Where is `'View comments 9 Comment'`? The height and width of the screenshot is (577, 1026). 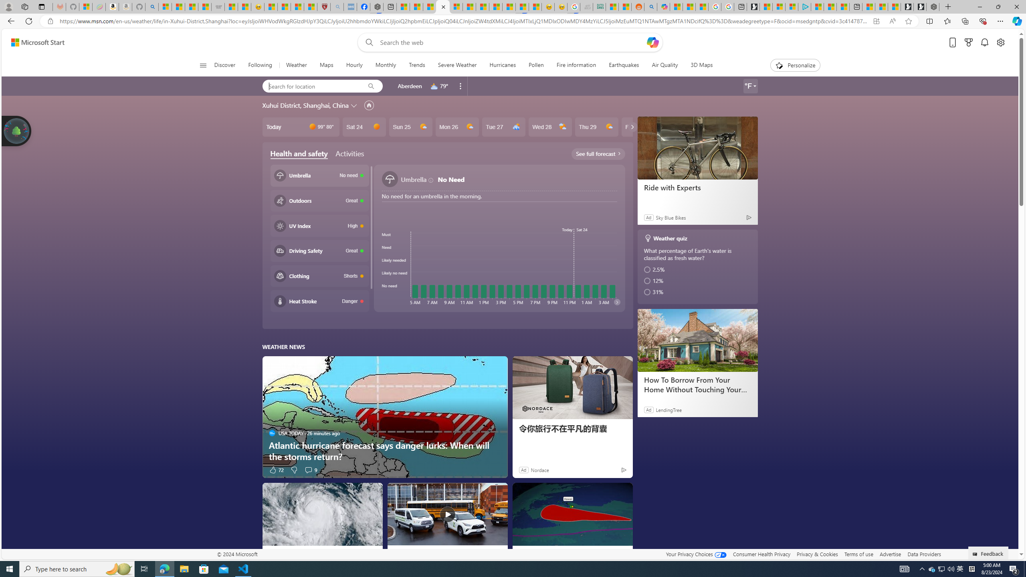 'View comments 9 Comment' is located at coordinates (310, 469).